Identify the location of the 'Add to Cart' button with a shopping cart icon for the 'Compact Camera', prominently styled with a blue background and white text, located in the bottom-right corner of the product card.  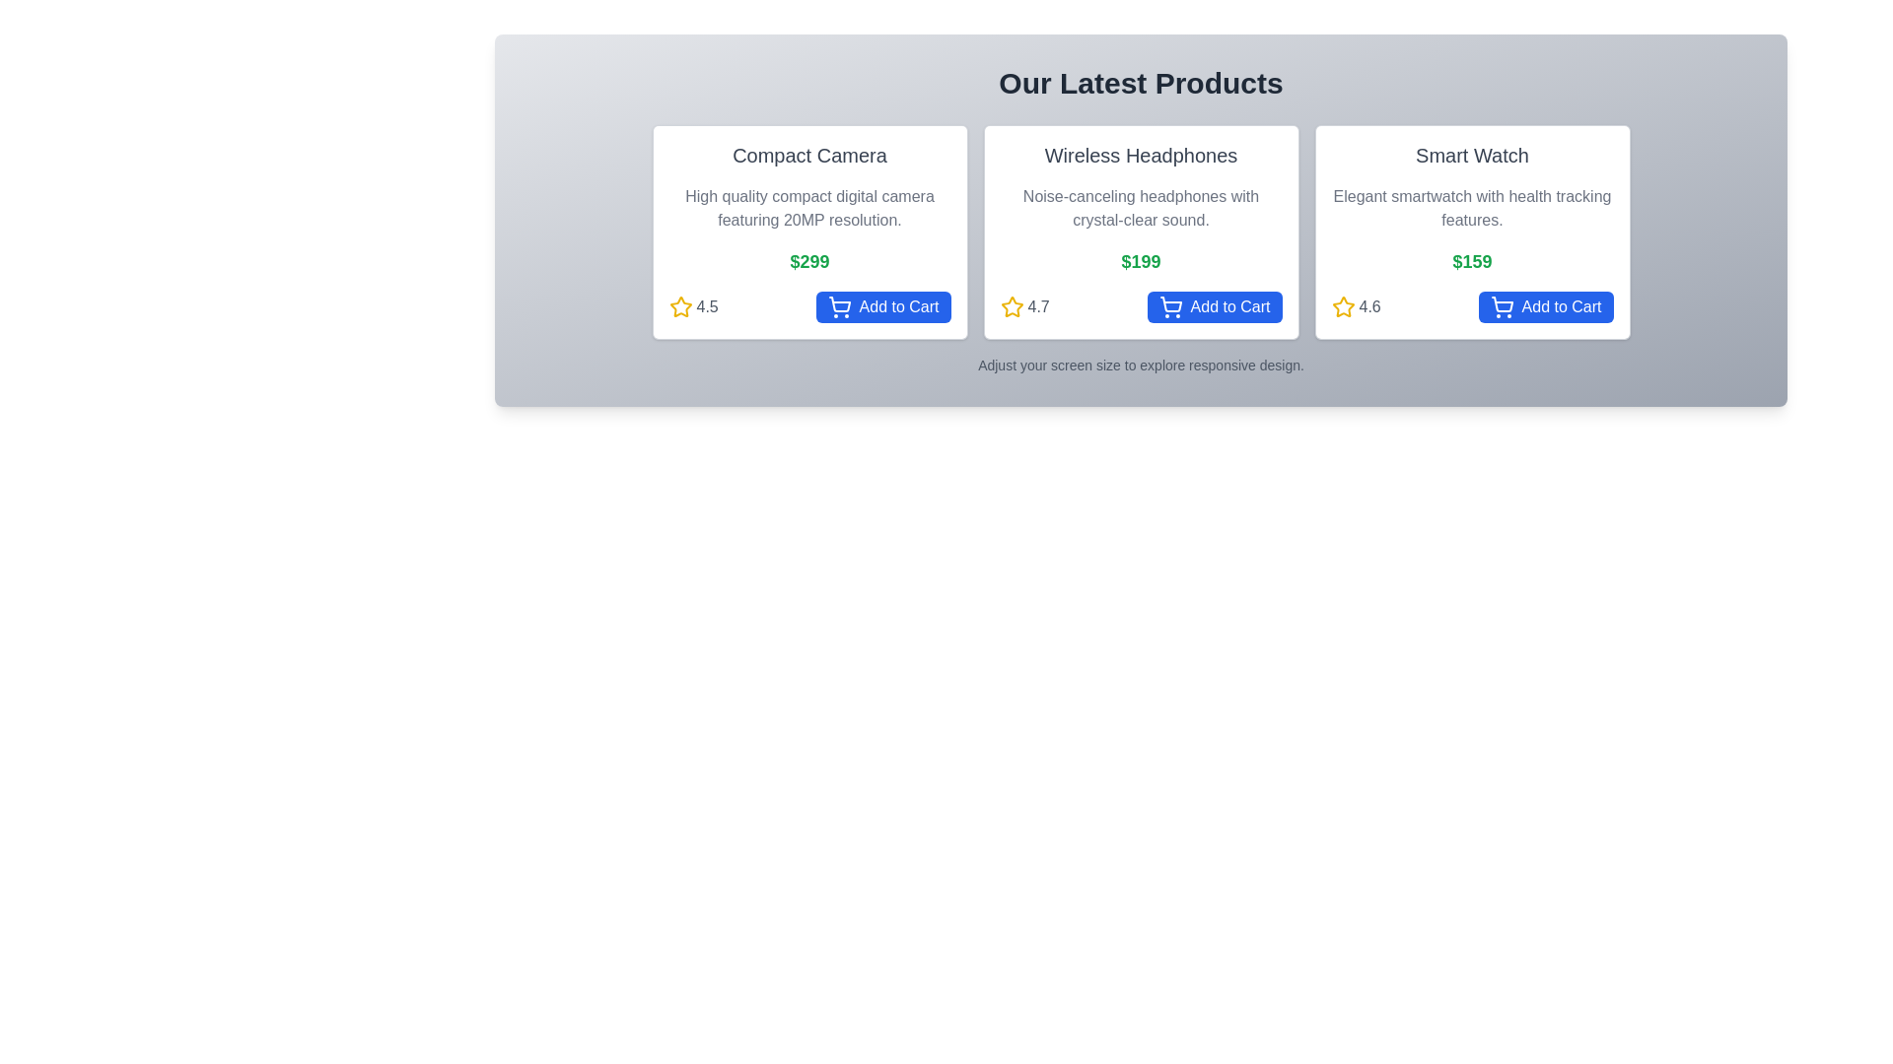
(882, 307).